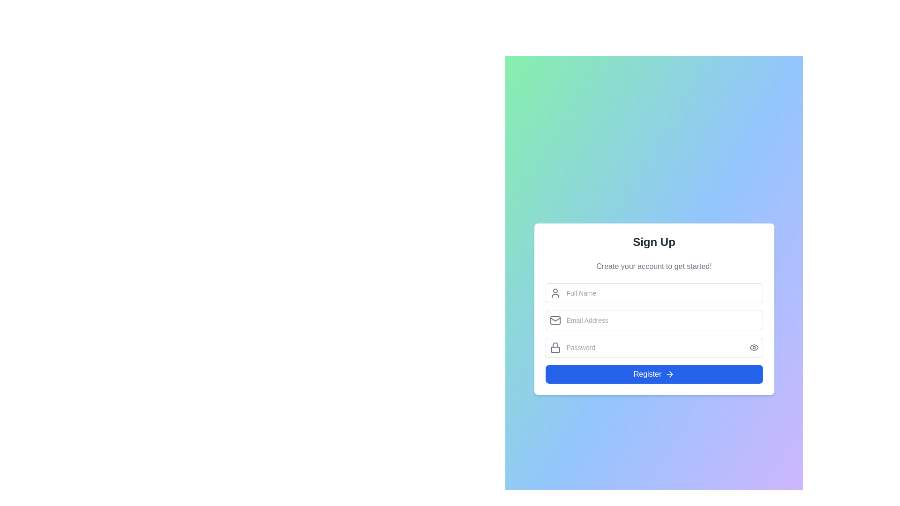  What do you see at coordinates (653, 373) in the screenshot?
I see `the blue 'Register' button with rounded corners` at bounding box center [653, 373].